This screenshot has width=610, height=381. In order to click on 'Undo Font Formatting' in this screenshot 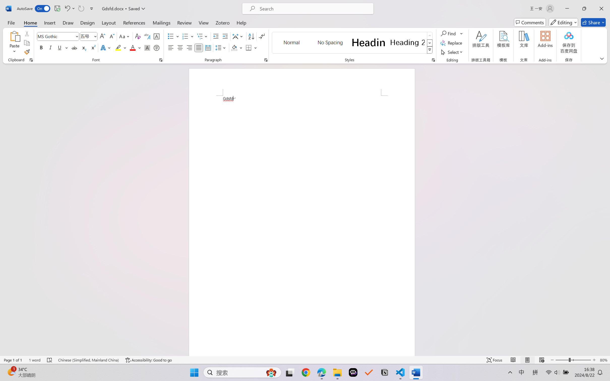, I will do `click(67, 8)`.